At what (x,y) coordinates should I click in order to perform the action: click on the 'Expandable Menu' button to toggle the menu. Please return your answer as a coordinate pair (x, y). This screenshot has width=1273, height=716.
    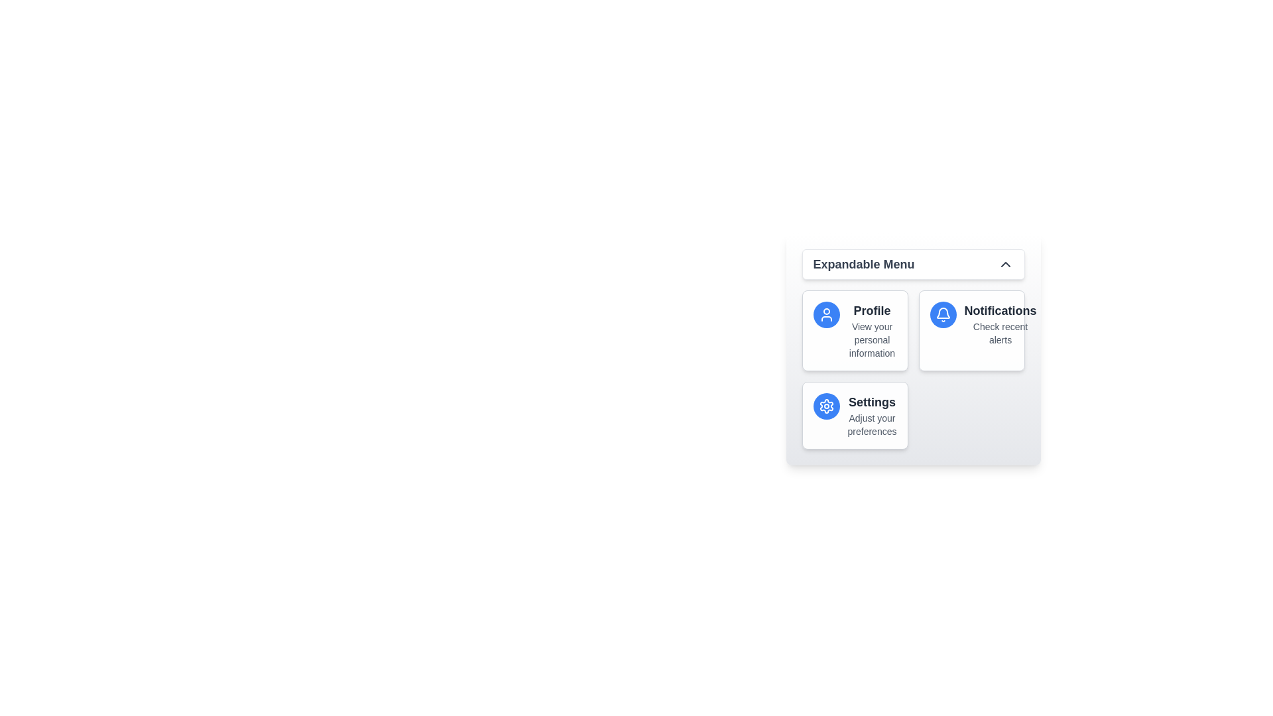
    Looking at the image, I should click on (912, 264).